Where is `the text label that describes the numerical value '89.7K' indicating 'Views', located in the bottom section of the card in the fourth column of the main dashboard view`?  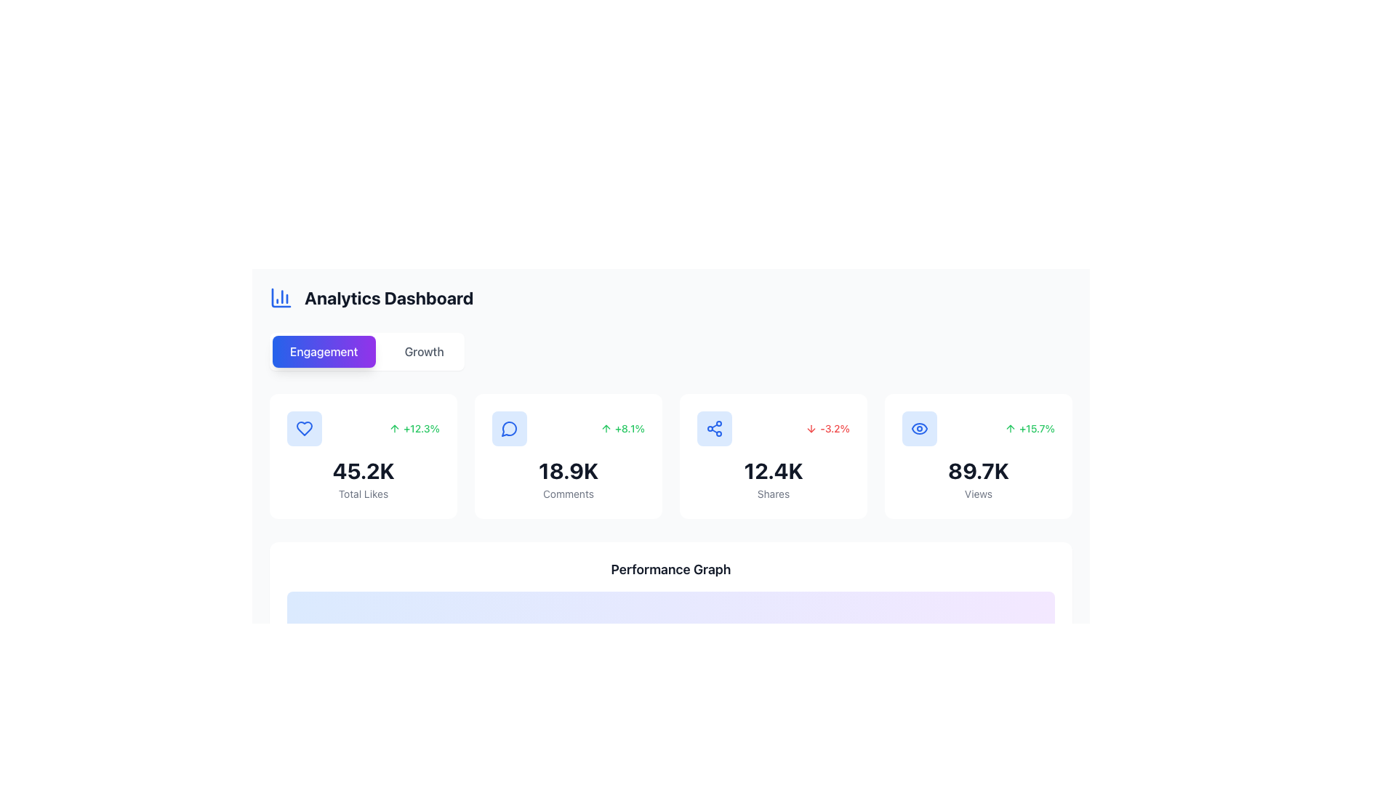 the text label that describes the numerical value '89.7K' indicating 'Views', located in the bottom section of the card in the fourth column of the main dashboard view is located at coordinates (978, 493).